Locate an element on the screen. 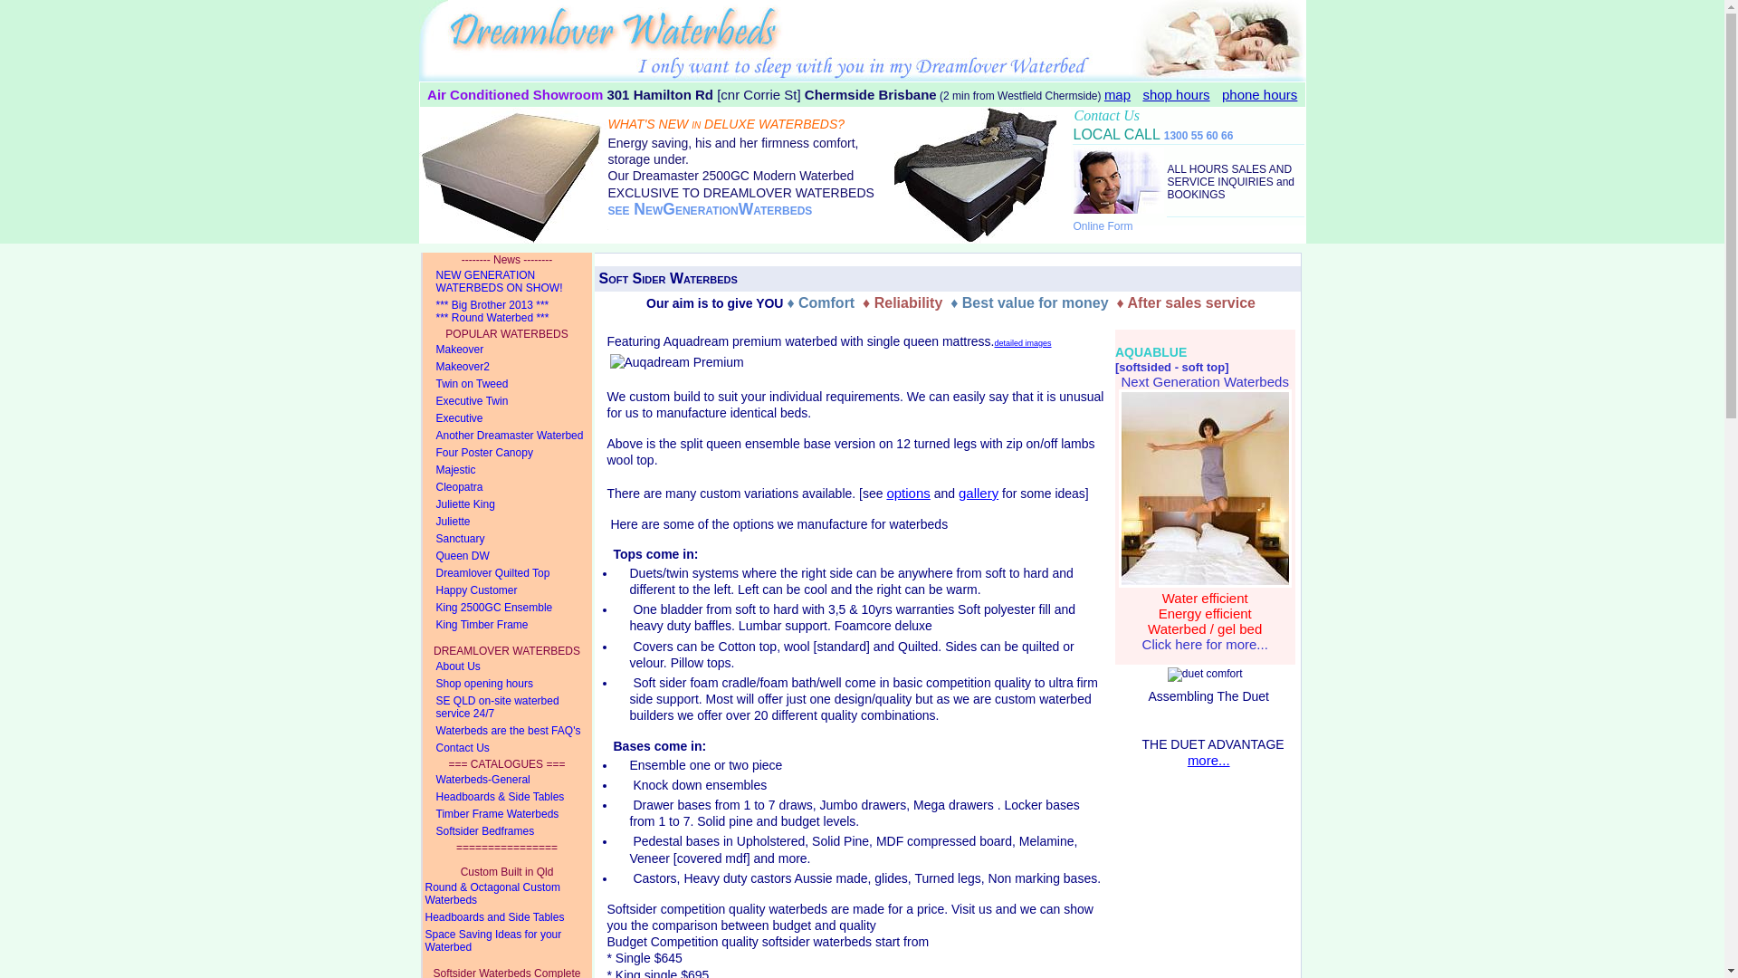  'Dreamlover Quilted Top' is located at coordinates (420, 573).